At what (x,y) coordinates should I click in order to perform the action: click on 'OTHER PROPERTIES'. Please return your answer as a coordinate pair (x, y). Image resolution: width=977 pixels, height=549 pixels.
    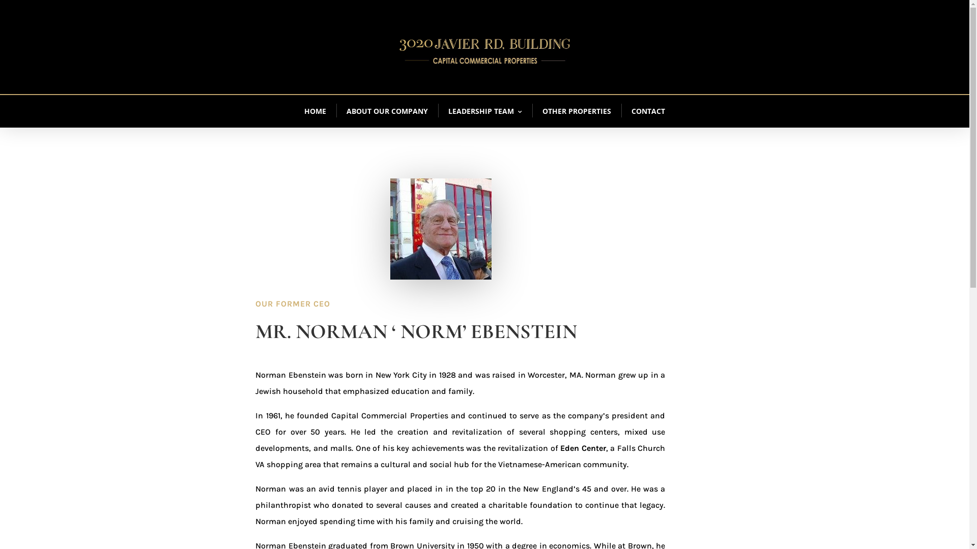
    Looking at the image, I should click on (577, 111).